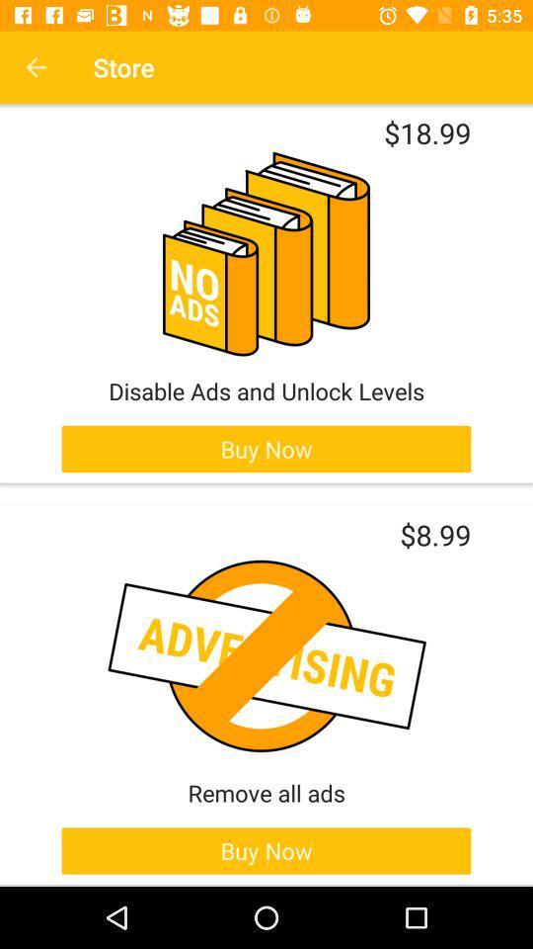 The height and width of the screenshot is (949, 533). I want to click on the icon next to the store icon, so click(36, 67).